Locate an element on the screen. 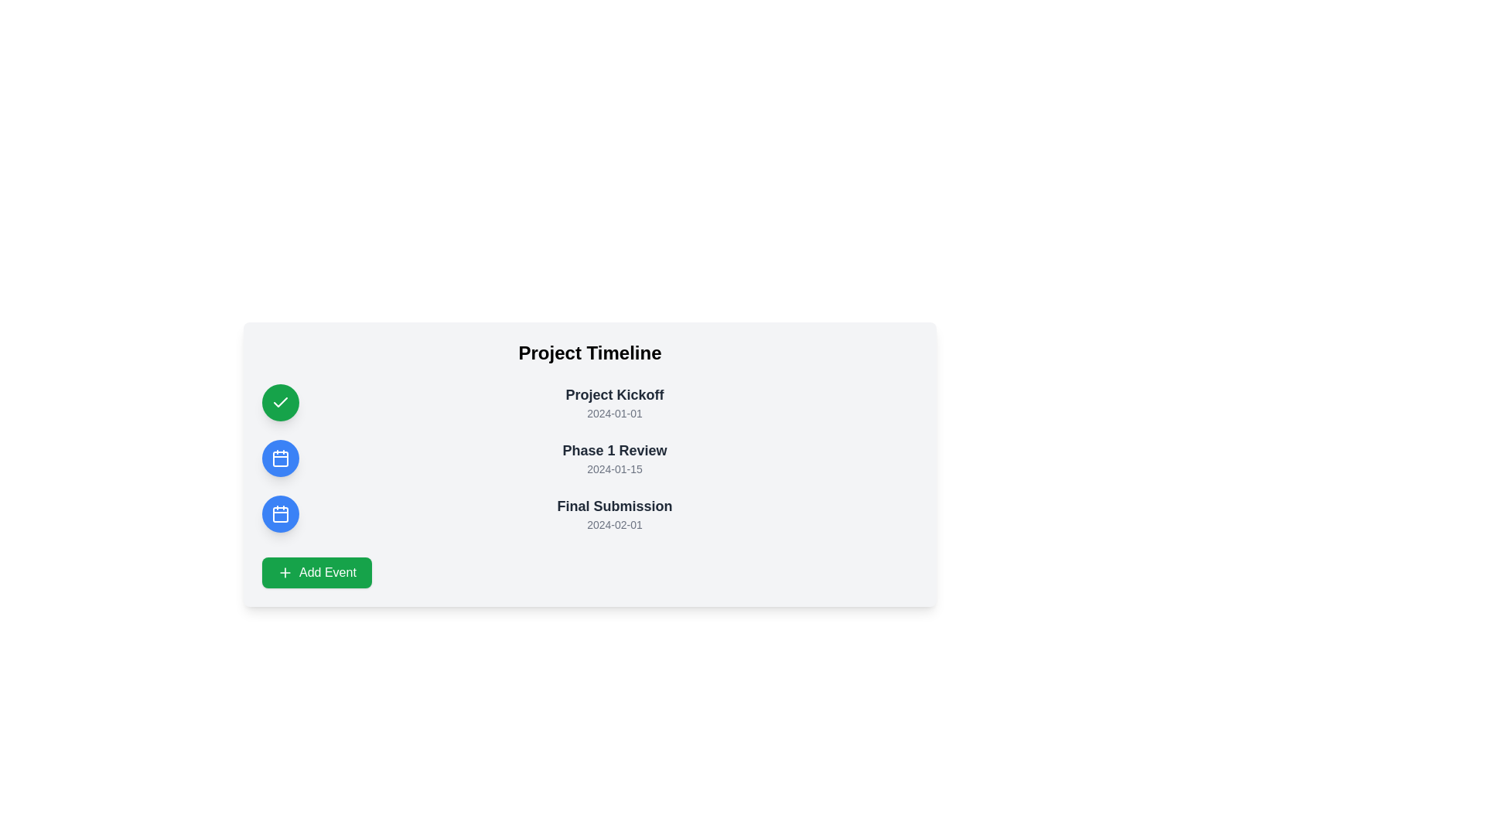 This screenshot has width=1485, height=835. the text label displaying the date '2024-01-01', which is located below the 'Project Kickoff' element in the timeline events section is located at coordinates (614, 413).